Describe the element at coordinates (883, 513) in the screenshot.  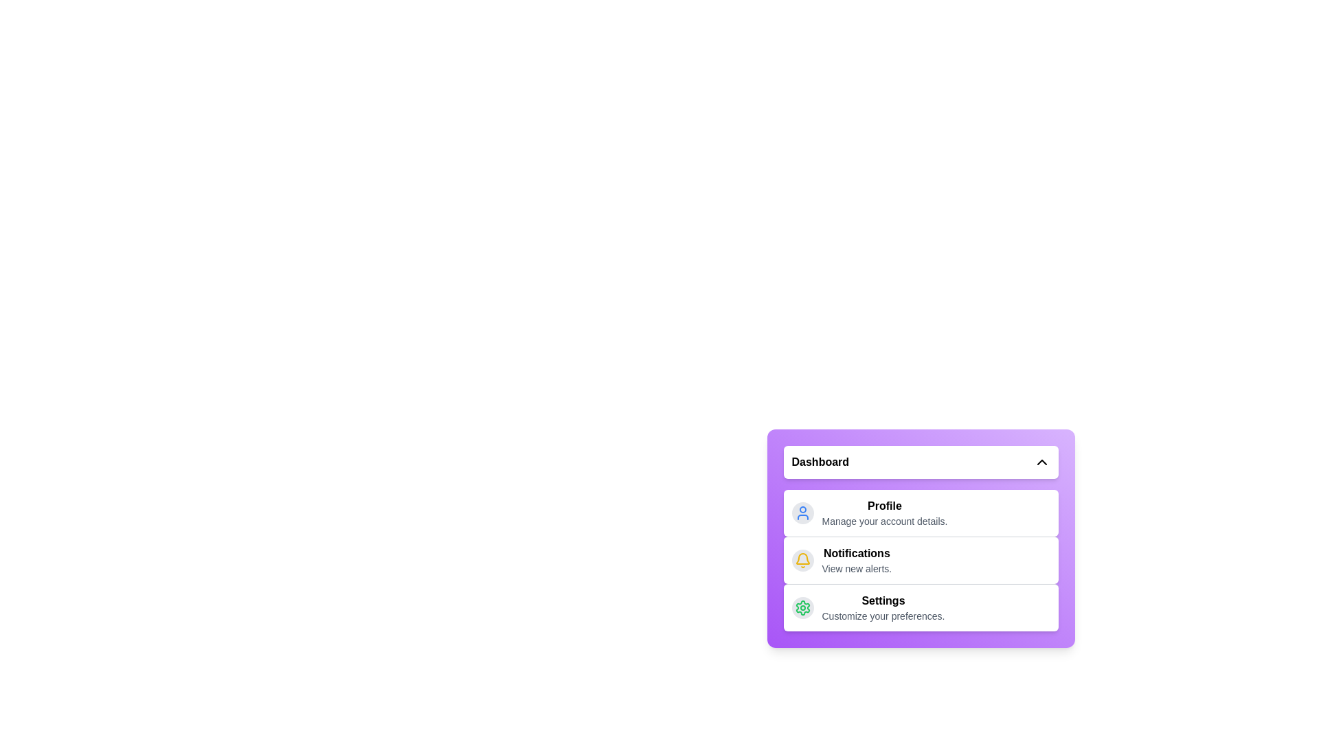
I see `the menu item Profile to navigate to its content` at that location.